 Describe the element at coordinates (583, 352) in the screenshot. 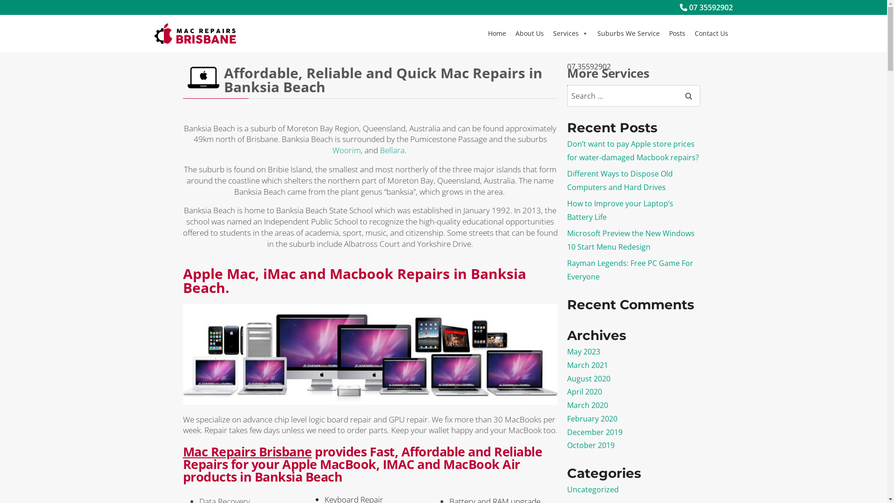

I see `'May 2023'` at that location.